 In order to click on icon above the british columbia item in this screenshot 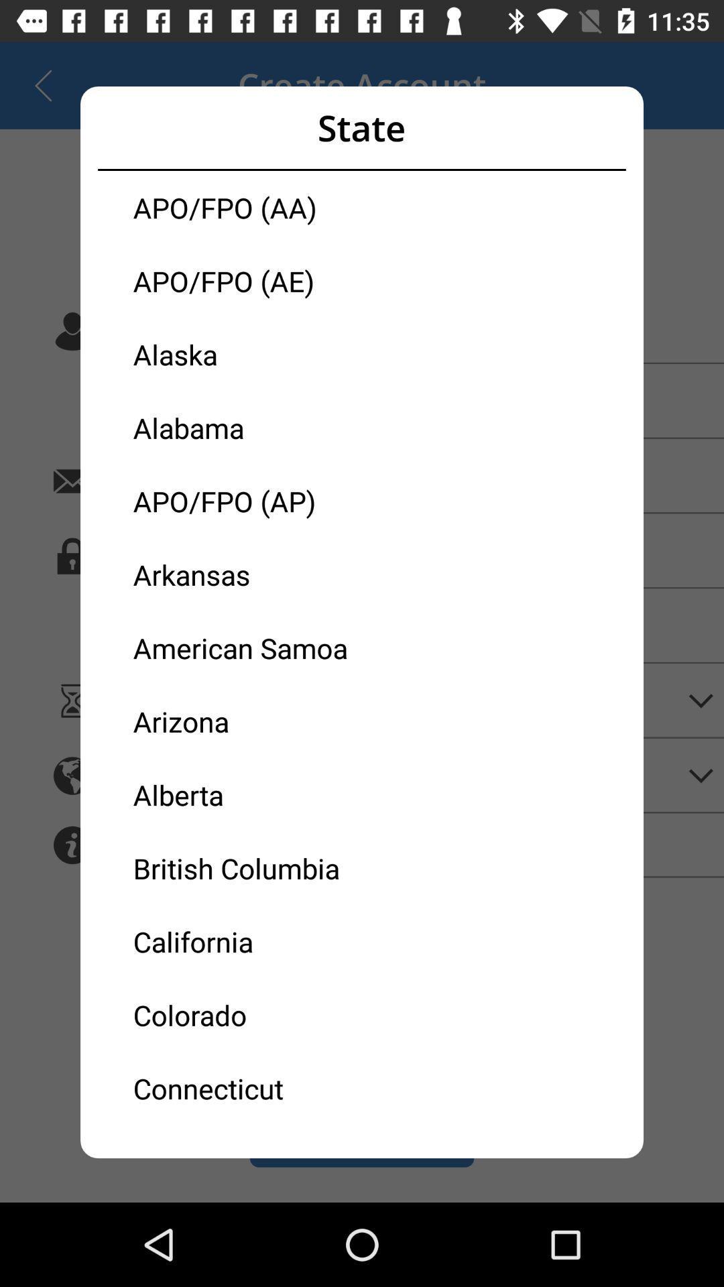, I will do `click(247, 794)`.